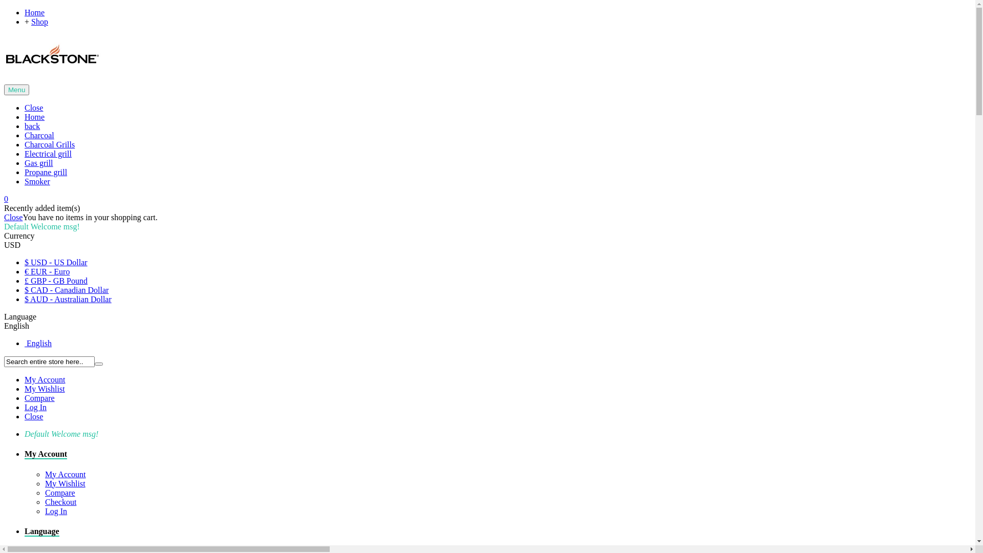 Image resolution: width=983 pixels, height=553 pixels. Describe the element at coordinates (16, 326) in the screenshot. I see `'English'` at that location.